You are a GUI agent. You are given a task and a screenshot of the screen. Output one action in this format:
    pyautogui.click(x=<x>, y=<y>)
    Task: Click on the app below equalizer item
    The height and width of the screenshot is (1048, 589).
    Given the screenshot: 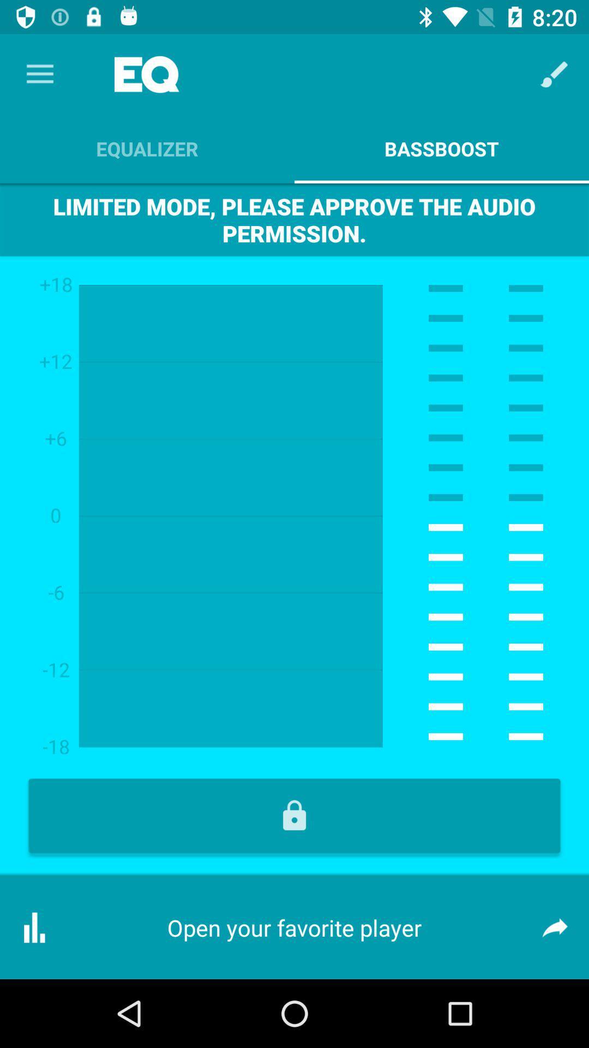 What is the action you would take?
    pyautogui.click(x=294, y=219)
    